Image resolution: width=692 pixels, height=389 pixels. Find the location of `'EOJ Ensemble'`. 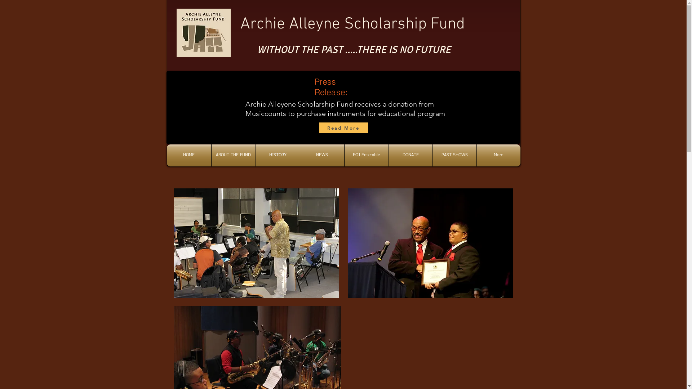

'EOJ Ensemble' is located at coordinates (344, 155).